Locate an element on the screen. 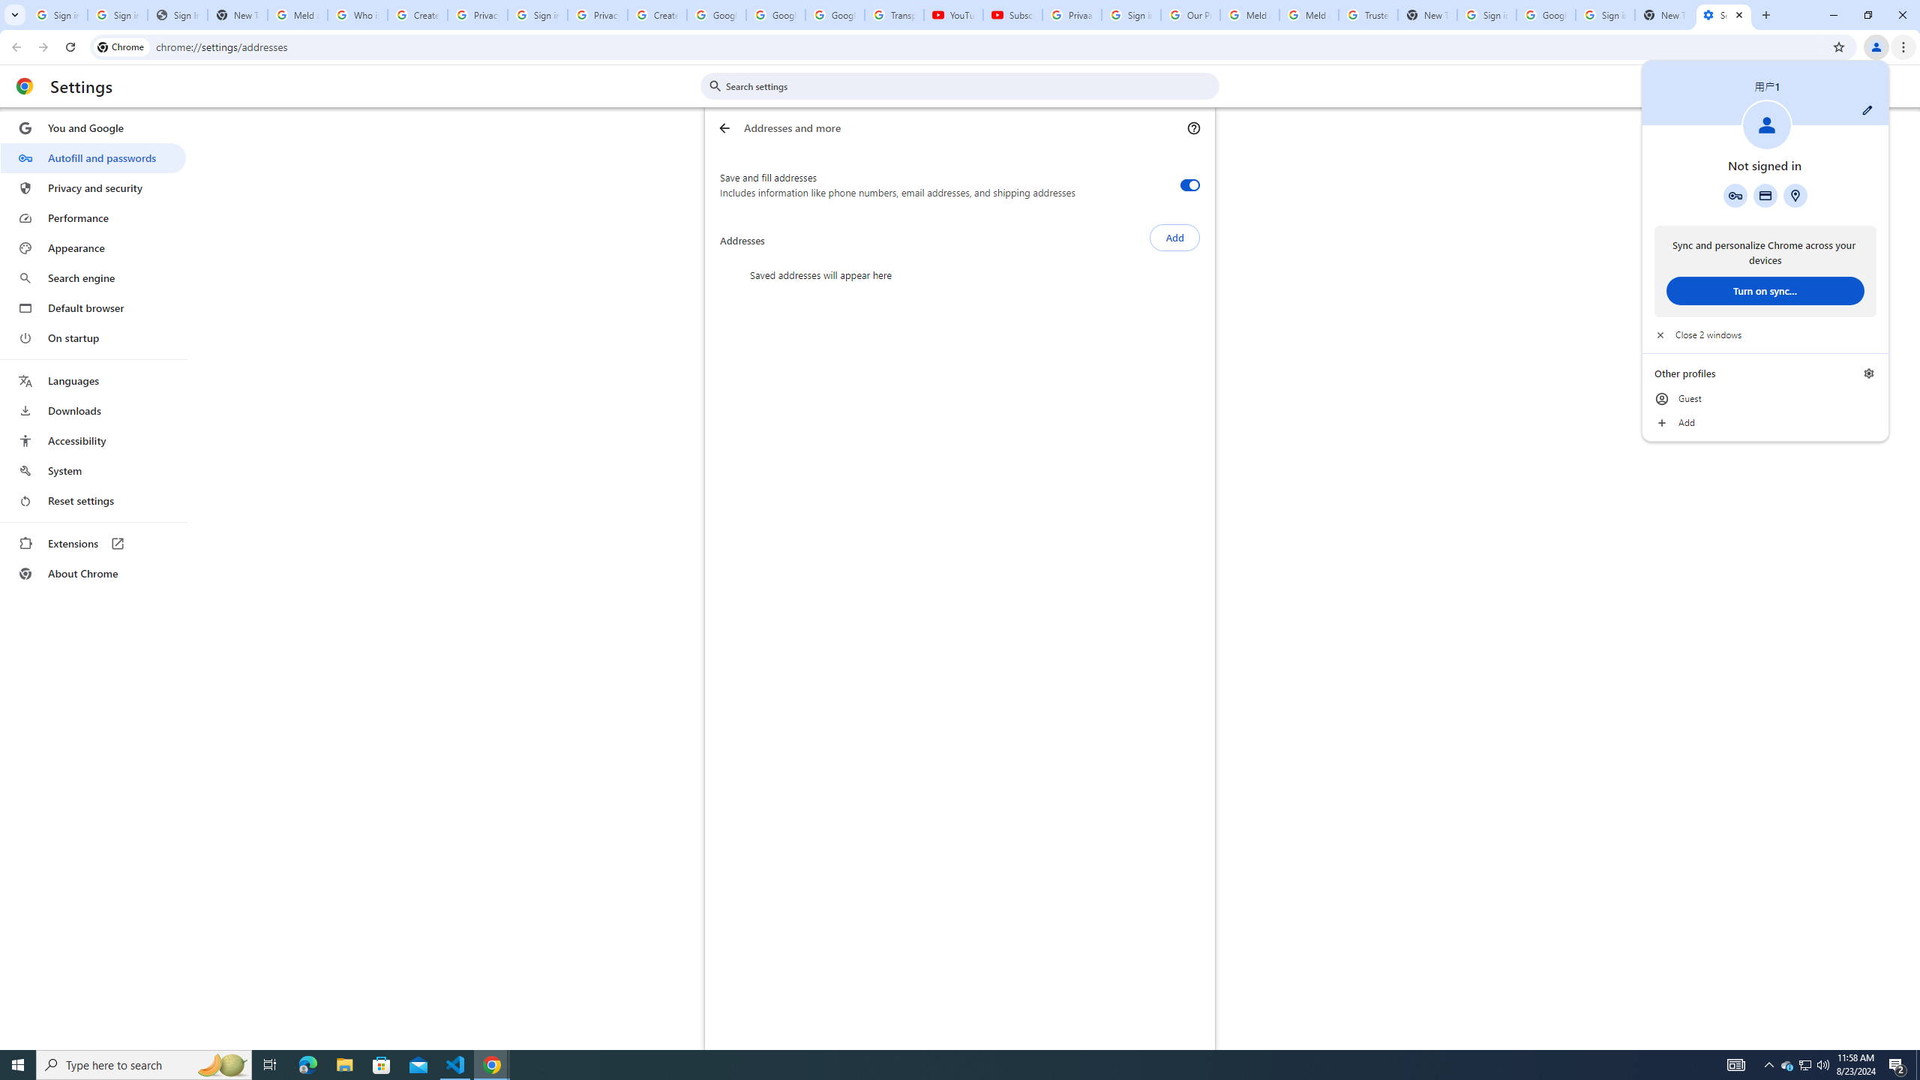  'Microsoft Edge' is located at coordinates (307, 1063).